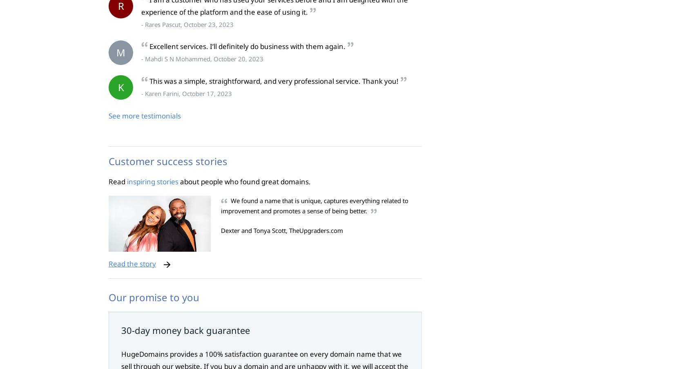 This screenshot has width=695, height=369. What do you see at coordinates (152, 181) in the screenshot?
I see `'inspiring stories'` at bounding box center [152, 181].